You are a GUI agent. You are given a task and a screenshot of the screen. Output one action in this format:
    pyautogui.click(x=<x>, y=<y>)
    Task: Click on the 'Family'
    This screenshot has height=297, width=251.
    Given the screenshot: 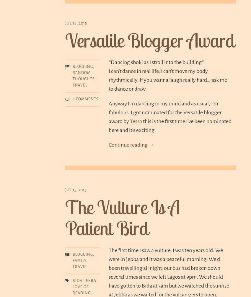 What is the action you would take?
    pyautogui.click(x=79, y=260)
    